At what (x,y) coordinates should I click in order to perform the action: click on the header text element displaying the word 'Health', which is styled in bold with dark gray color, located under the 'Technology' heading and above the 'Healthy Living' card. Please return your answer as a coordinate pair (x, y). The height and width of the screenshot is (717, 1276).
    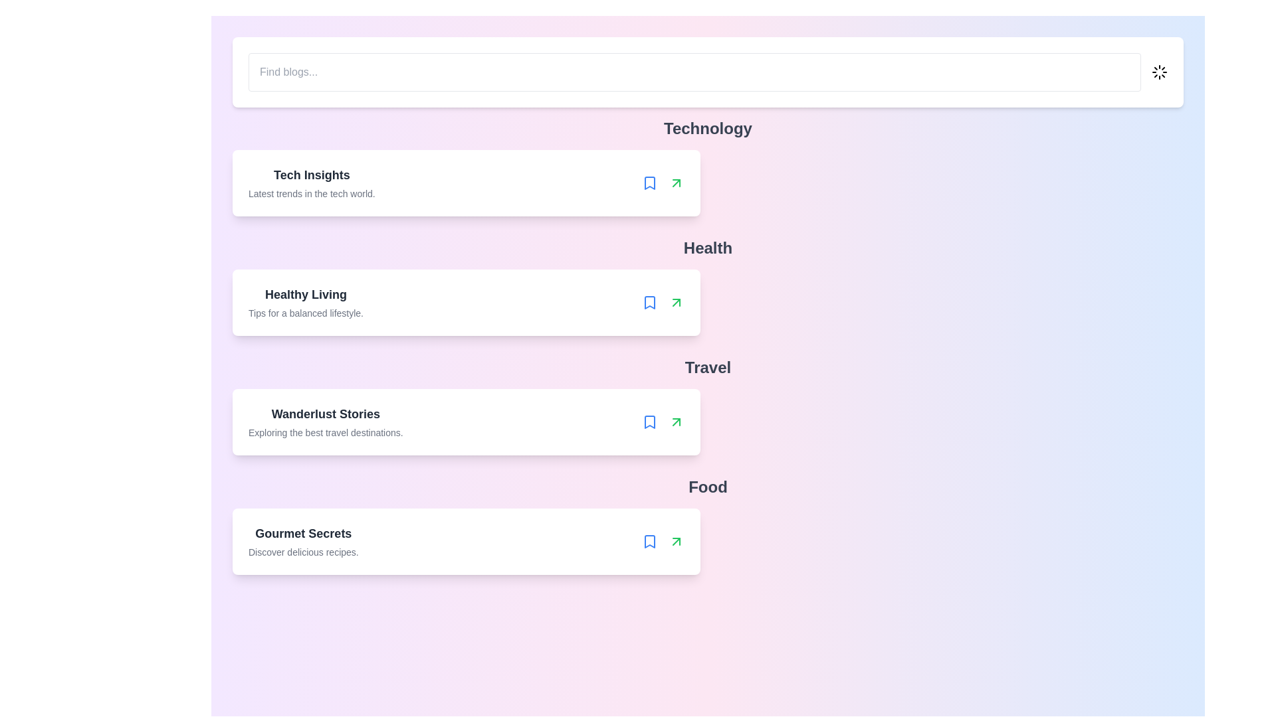
    Looking at the image, I should click on (707, 248).